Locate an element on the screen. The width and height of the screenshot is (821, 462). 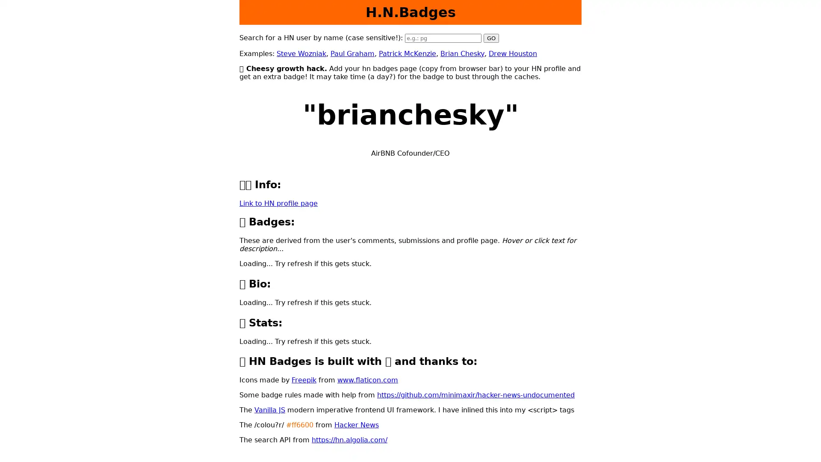
GO is located at coordinates (491, 38).